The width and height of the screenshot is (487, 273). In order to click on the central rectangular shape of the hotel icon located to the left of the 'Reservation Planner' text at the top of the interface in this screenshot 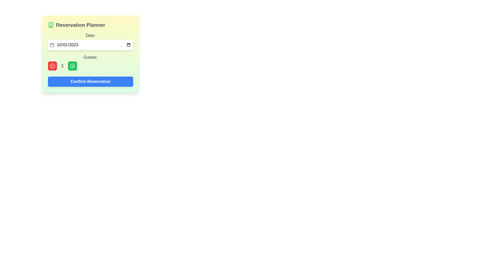, I will do `click(51, 25)`.